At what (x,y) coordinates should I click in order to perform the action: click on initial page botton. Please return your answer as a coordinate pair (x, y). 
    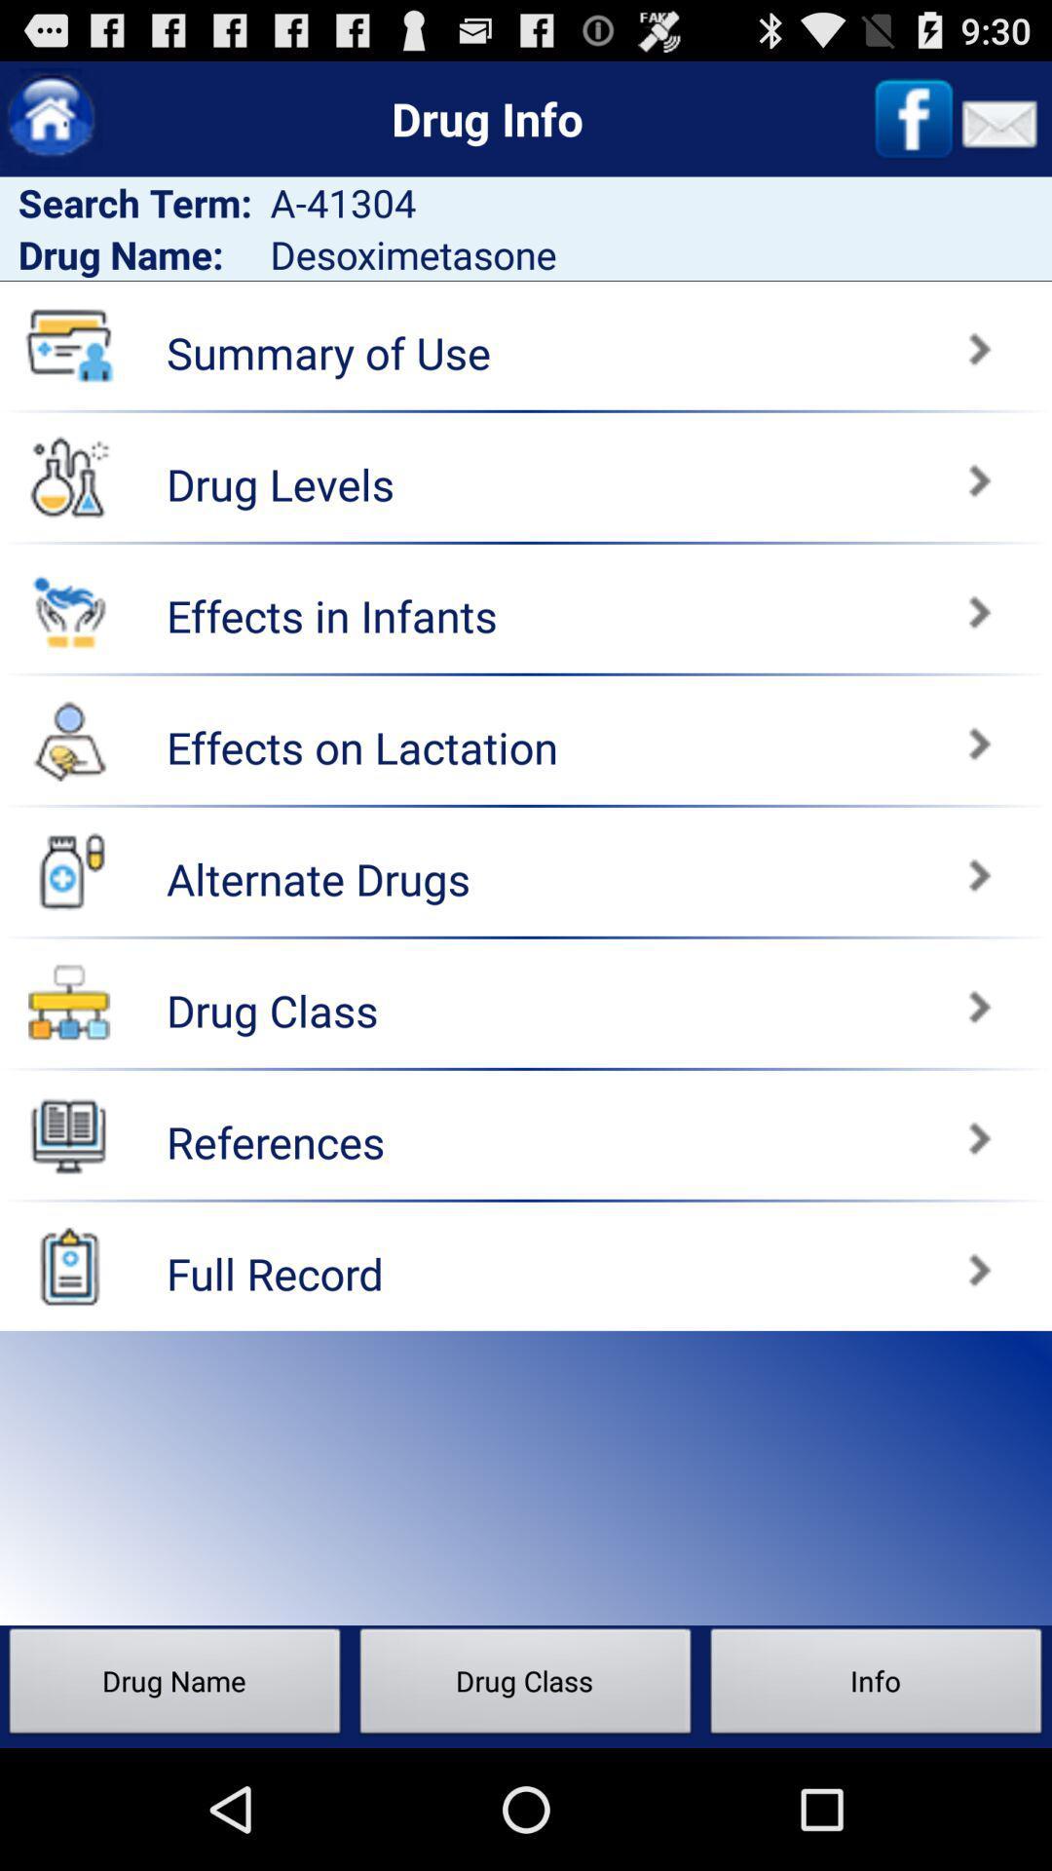
    Looking at the image, I should click on (50, 118).